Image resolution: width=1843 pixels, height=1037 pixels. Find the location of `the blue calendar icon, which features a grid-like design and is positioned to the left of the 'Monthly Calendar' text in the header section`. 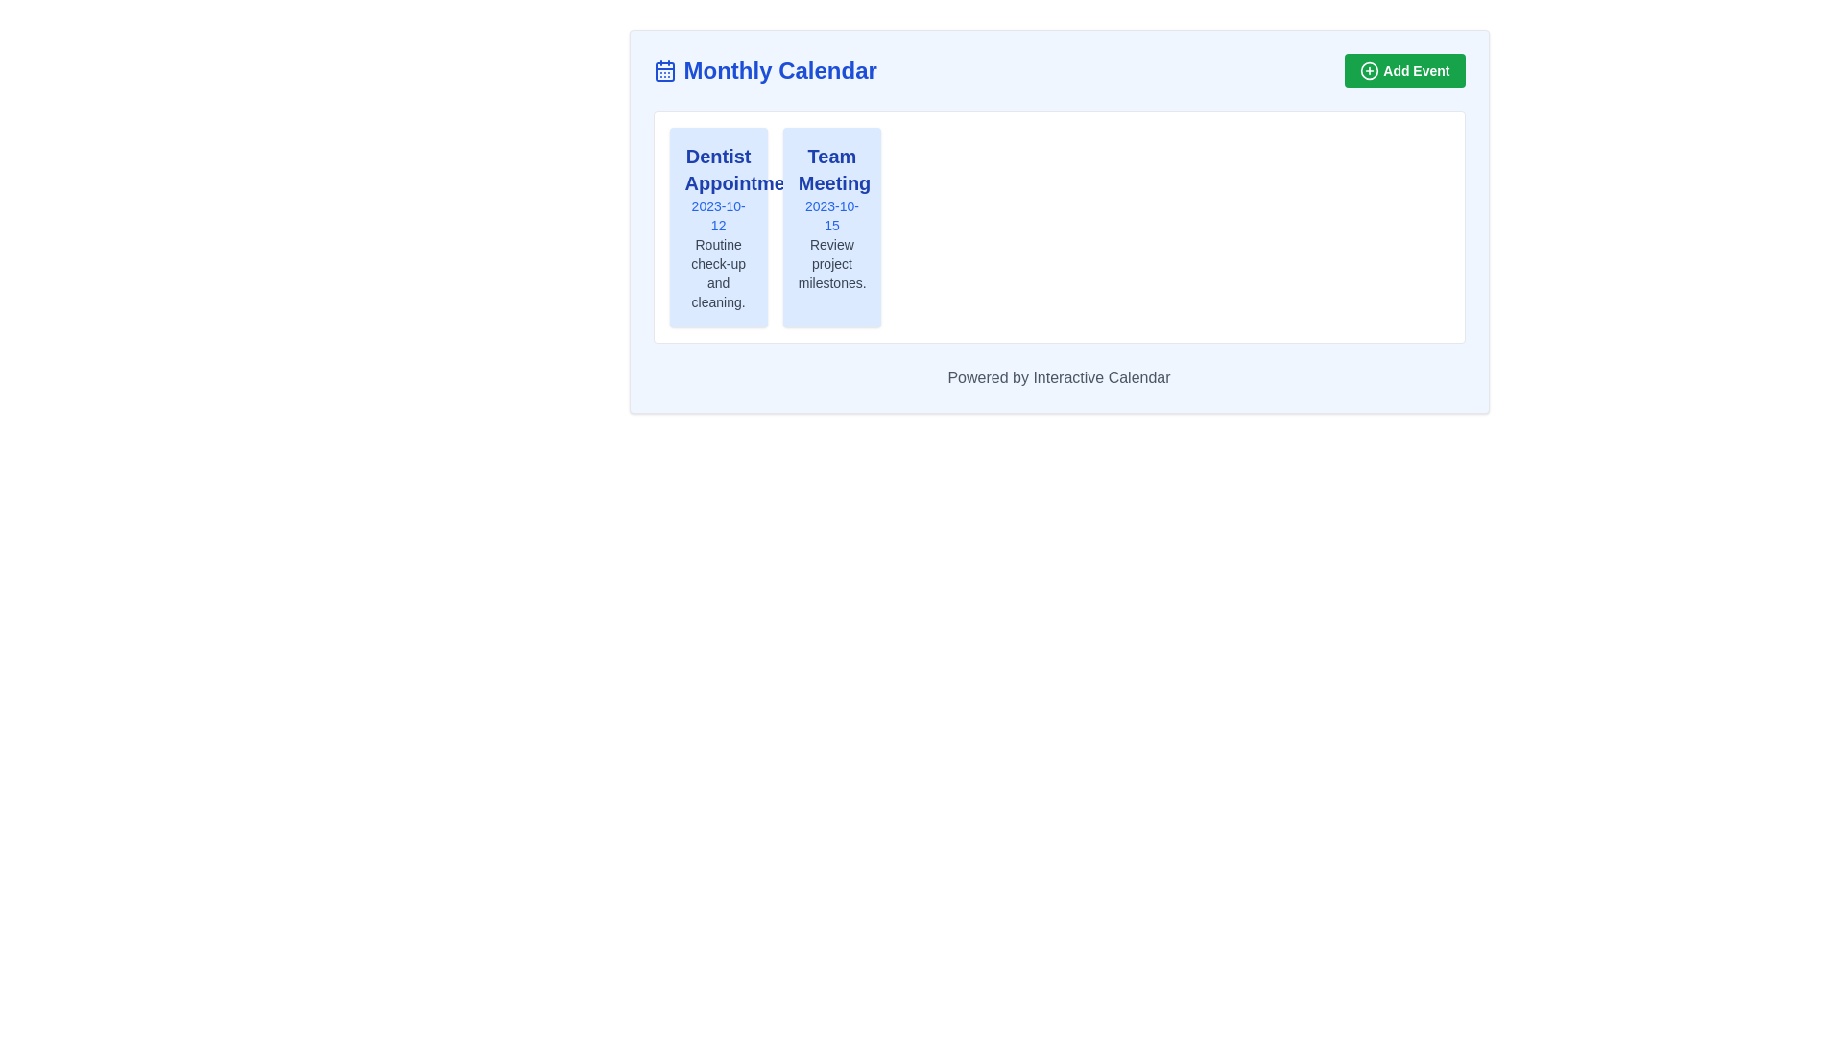

the blue calendar icon, which features a grid-like design and is positioned to the left of the 'Monthly Calendar' text in the header section is located at coordinates (664, 69).